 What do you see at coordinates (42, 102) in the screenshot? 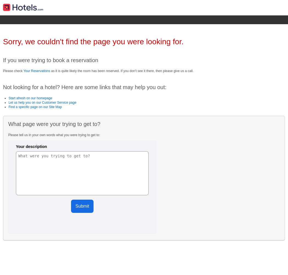
I see `'Let us help you on our Customer Service page'` at bounding box center [42, 102].